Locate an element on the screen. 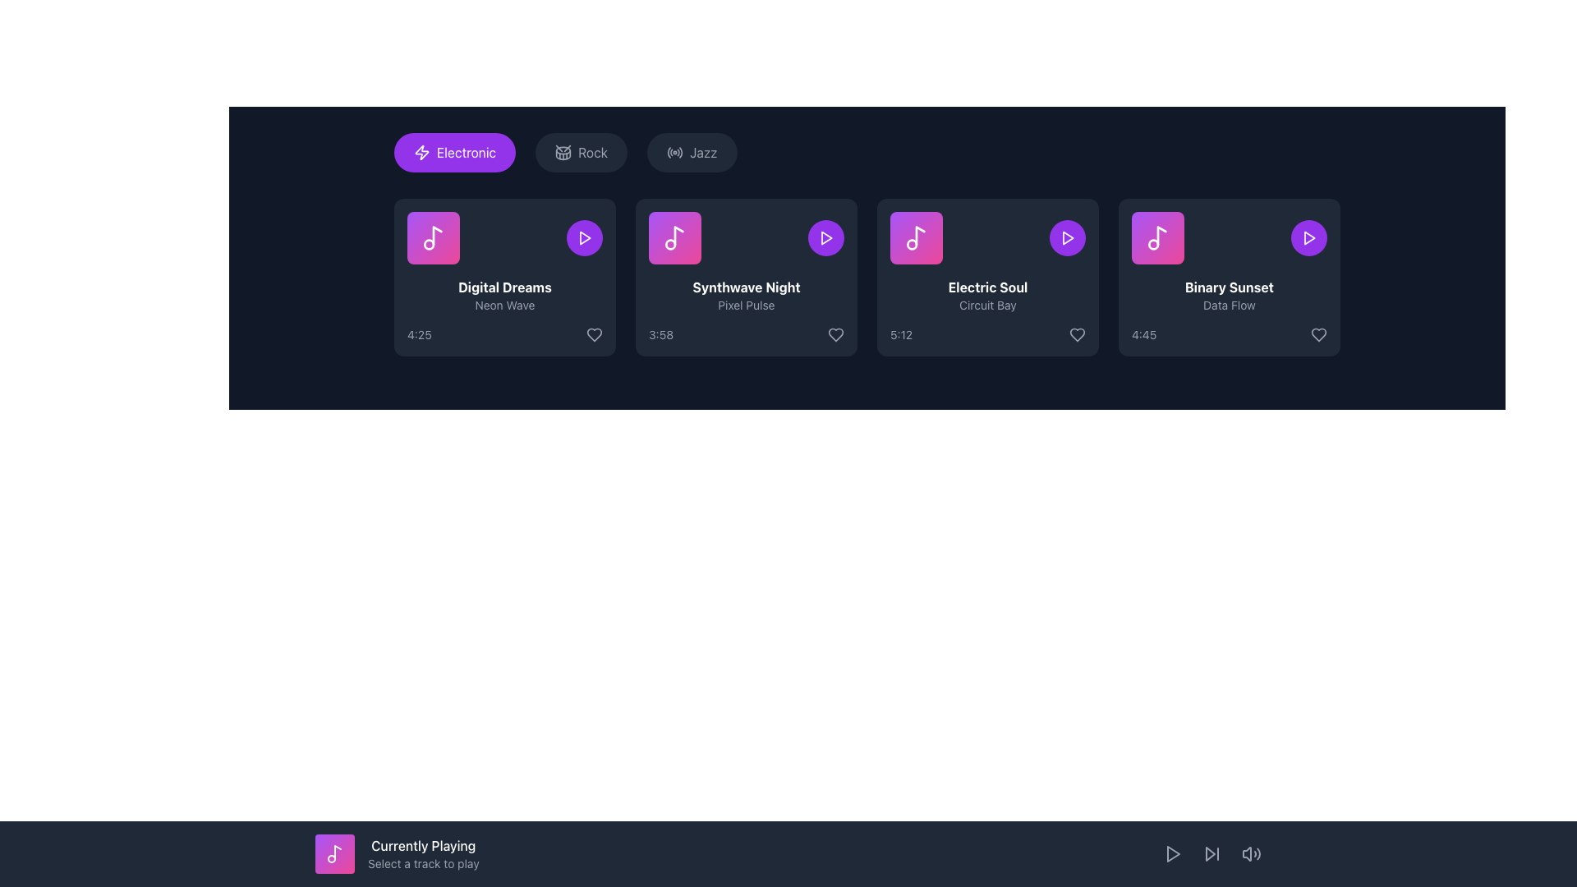  the heart icon located in the fourth music track panel is located at coordinates (1077, 334).